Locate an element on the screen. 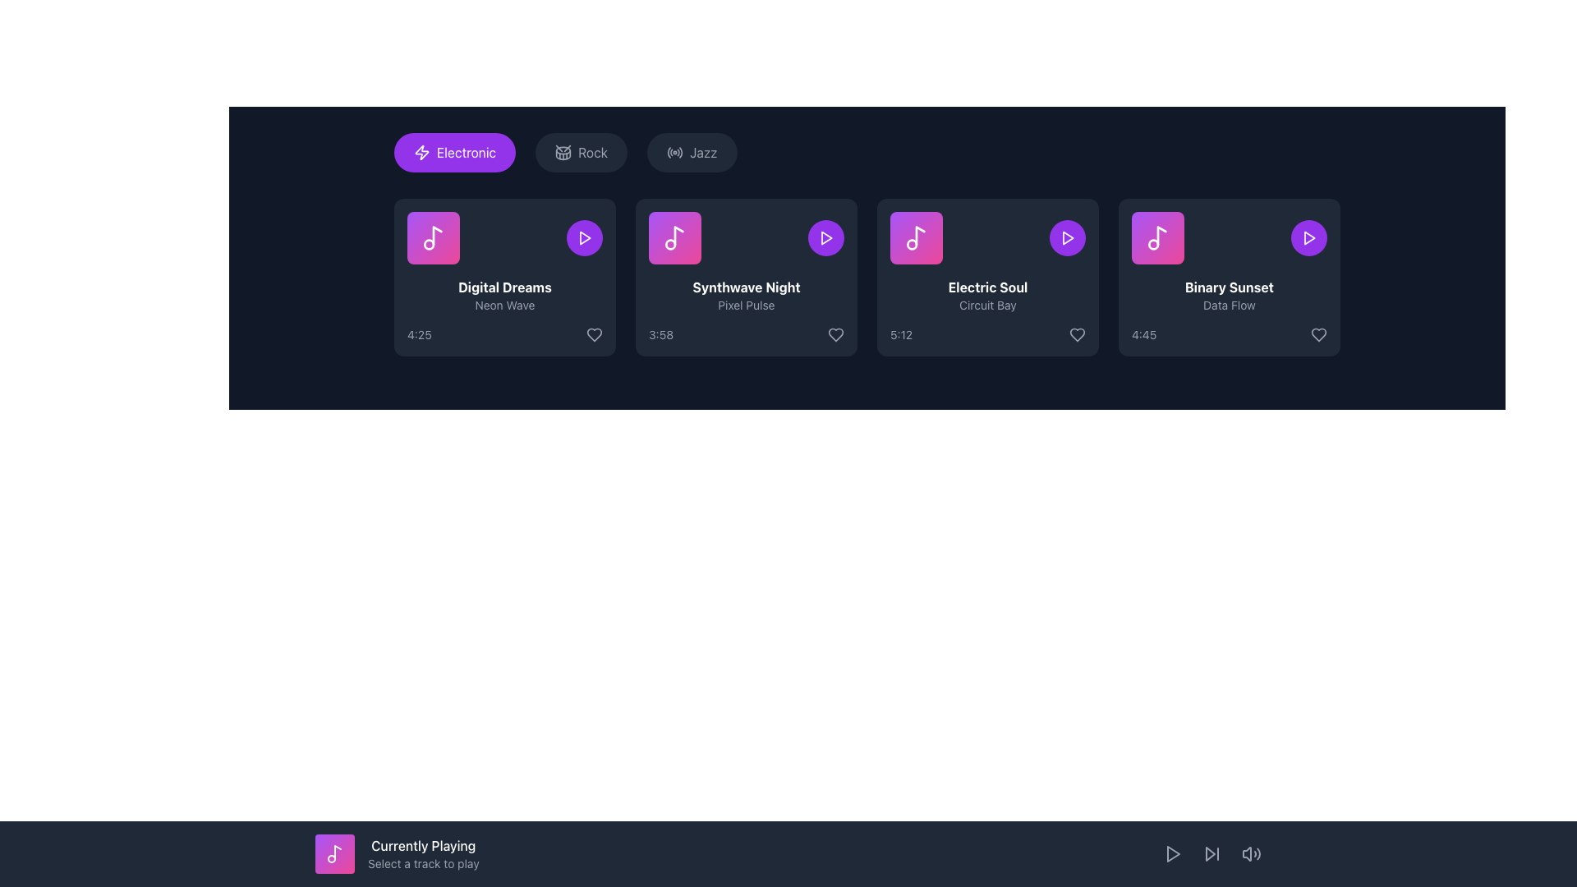  the heart icon located in the fourth music track panel is located at coordinates (1077, 334).